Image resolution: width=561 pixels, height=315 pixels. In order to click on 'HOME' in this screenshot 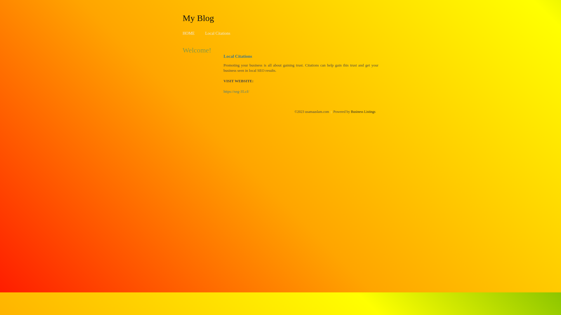, I will do `click(188, 33)`.